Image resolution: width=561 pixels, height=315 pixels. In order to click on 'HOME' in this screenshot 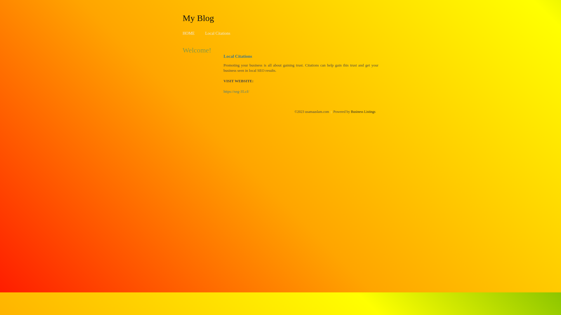, I will do `click(188, 33)`.